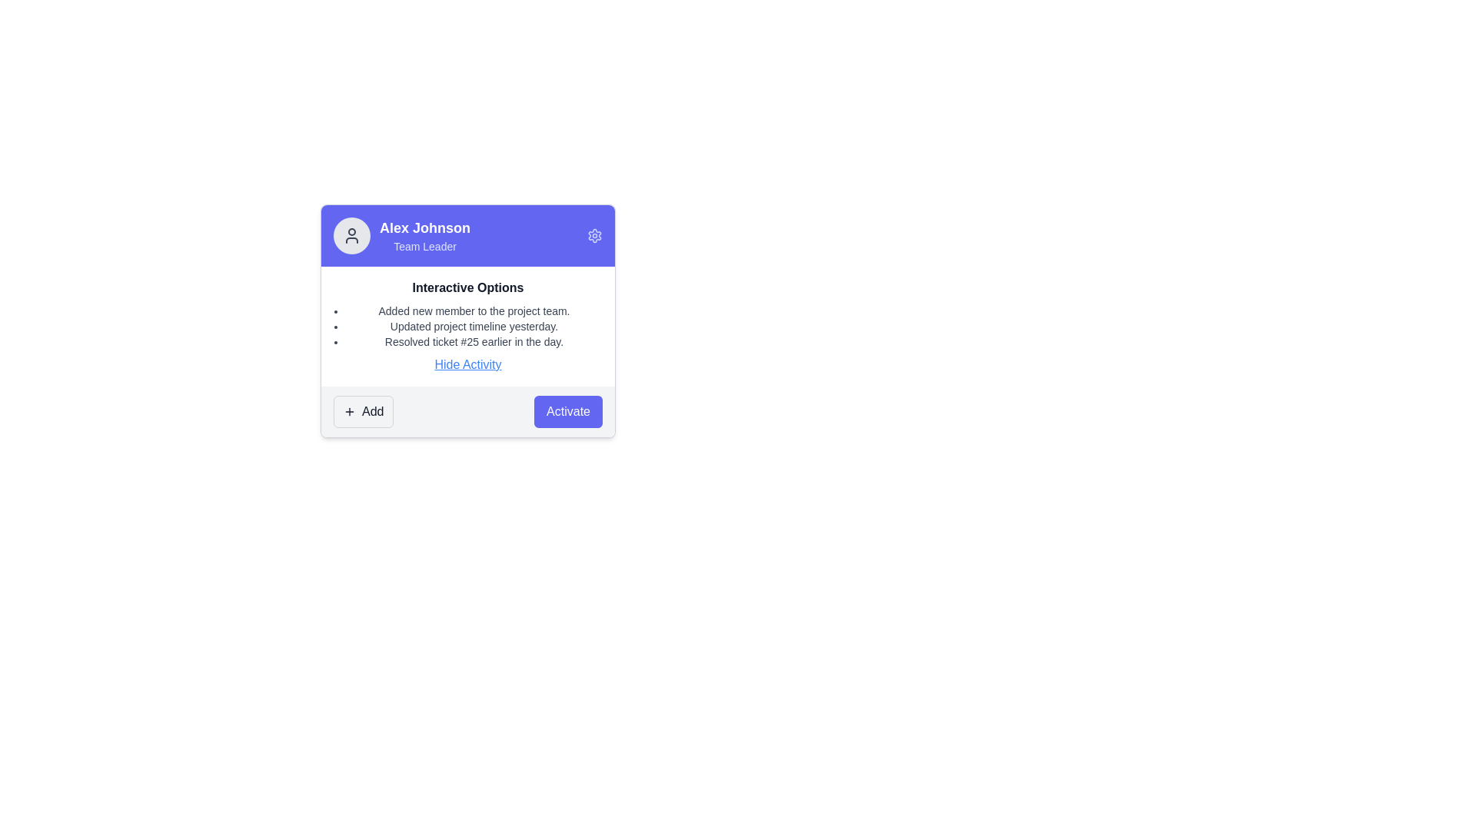 This screenshot has height=830, width=1476. I want to click on the circular user profile icon with a light gray background and black outline, located in the top-left corner of the card, next to the 'Alex Johnson' text, so click(351, 236).